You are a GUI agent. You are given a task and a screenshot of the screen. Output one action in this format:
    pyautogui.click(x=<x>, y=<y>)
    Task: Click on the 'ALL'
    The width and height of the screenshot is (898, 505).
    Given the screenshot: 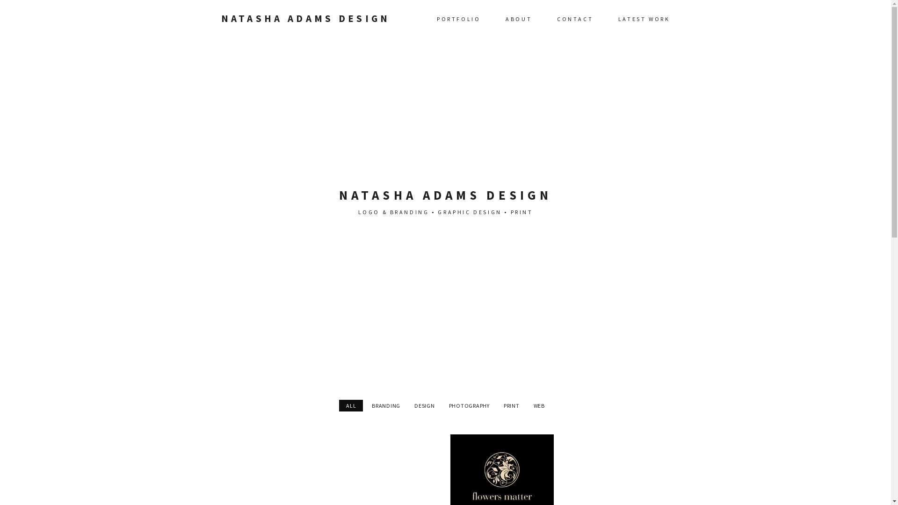 What is the action you would take?
    pyautogui.click(x=350, y=405)
    